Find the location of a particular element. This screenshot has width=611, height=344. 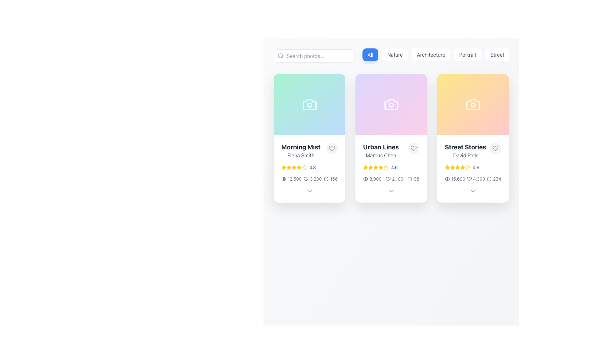

the circular chat icon with minimalist lines located within the 'Street Stories' card, positioned to the right of the '4,300' heart icon and before the text '234' is located at coordinates (488, 179).